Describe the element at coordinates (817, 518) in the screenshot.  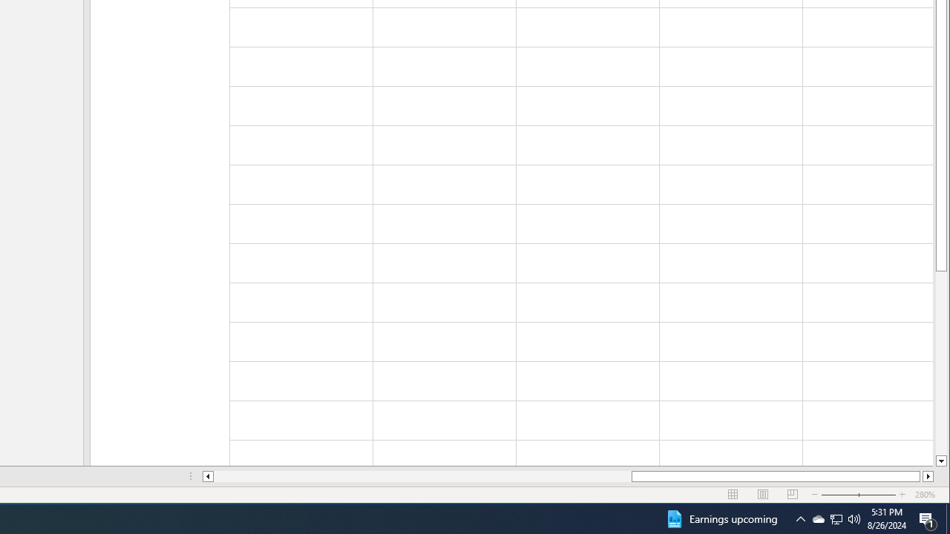
I see `'User Promoted Notification Area'` at that location.